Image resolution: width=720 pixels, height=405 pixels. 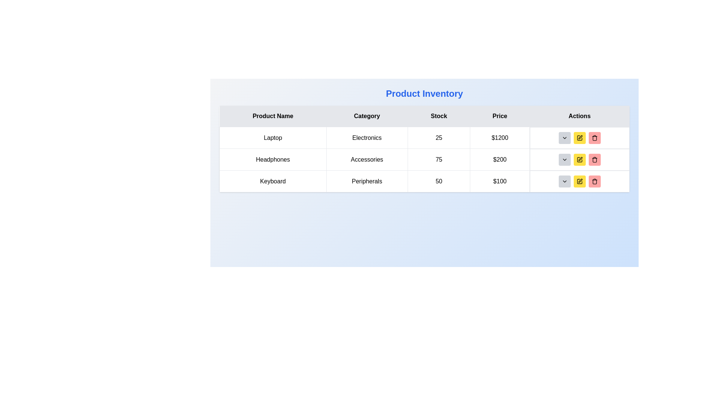 I want to click on the delete action button located in the 'Actions' column of the second row of the data table to observe the hover effects, so click(x=594, y=159).